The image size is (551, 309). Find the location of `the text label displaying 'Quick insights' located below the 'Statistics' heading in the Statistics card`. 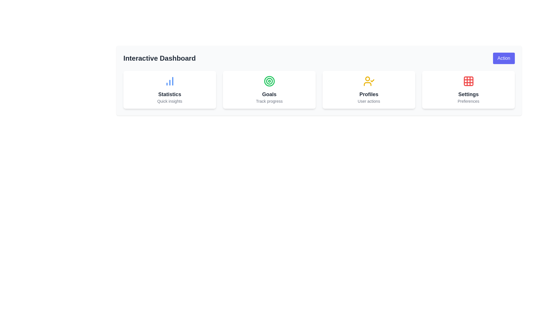

the text label displaying 'Quick insights' located below the 'Statistics' heading in the Statistics card is located at coordinates (169, 101).